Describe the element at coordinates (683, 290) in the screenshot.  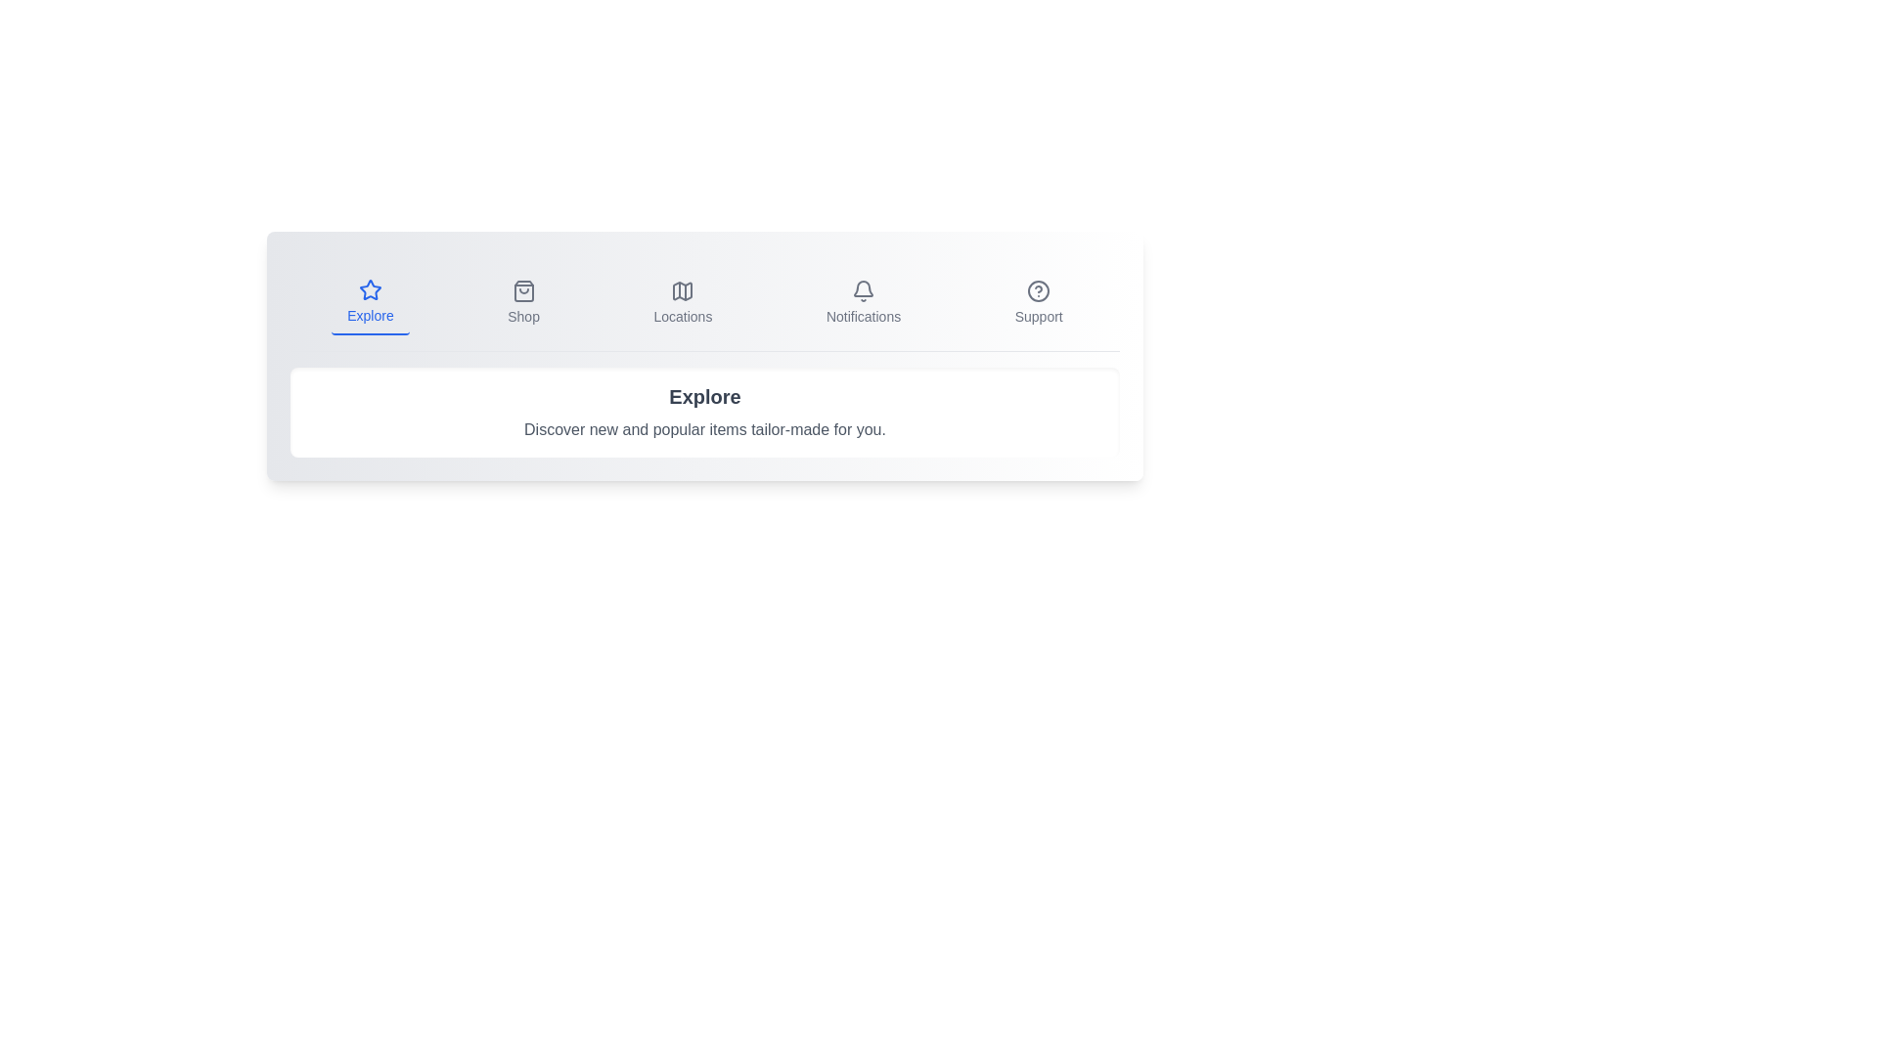
I see `the 'Locations' icon, which is centrally located in the navigation bar and serves as a visual cue for the 'Locations' section` at that location.